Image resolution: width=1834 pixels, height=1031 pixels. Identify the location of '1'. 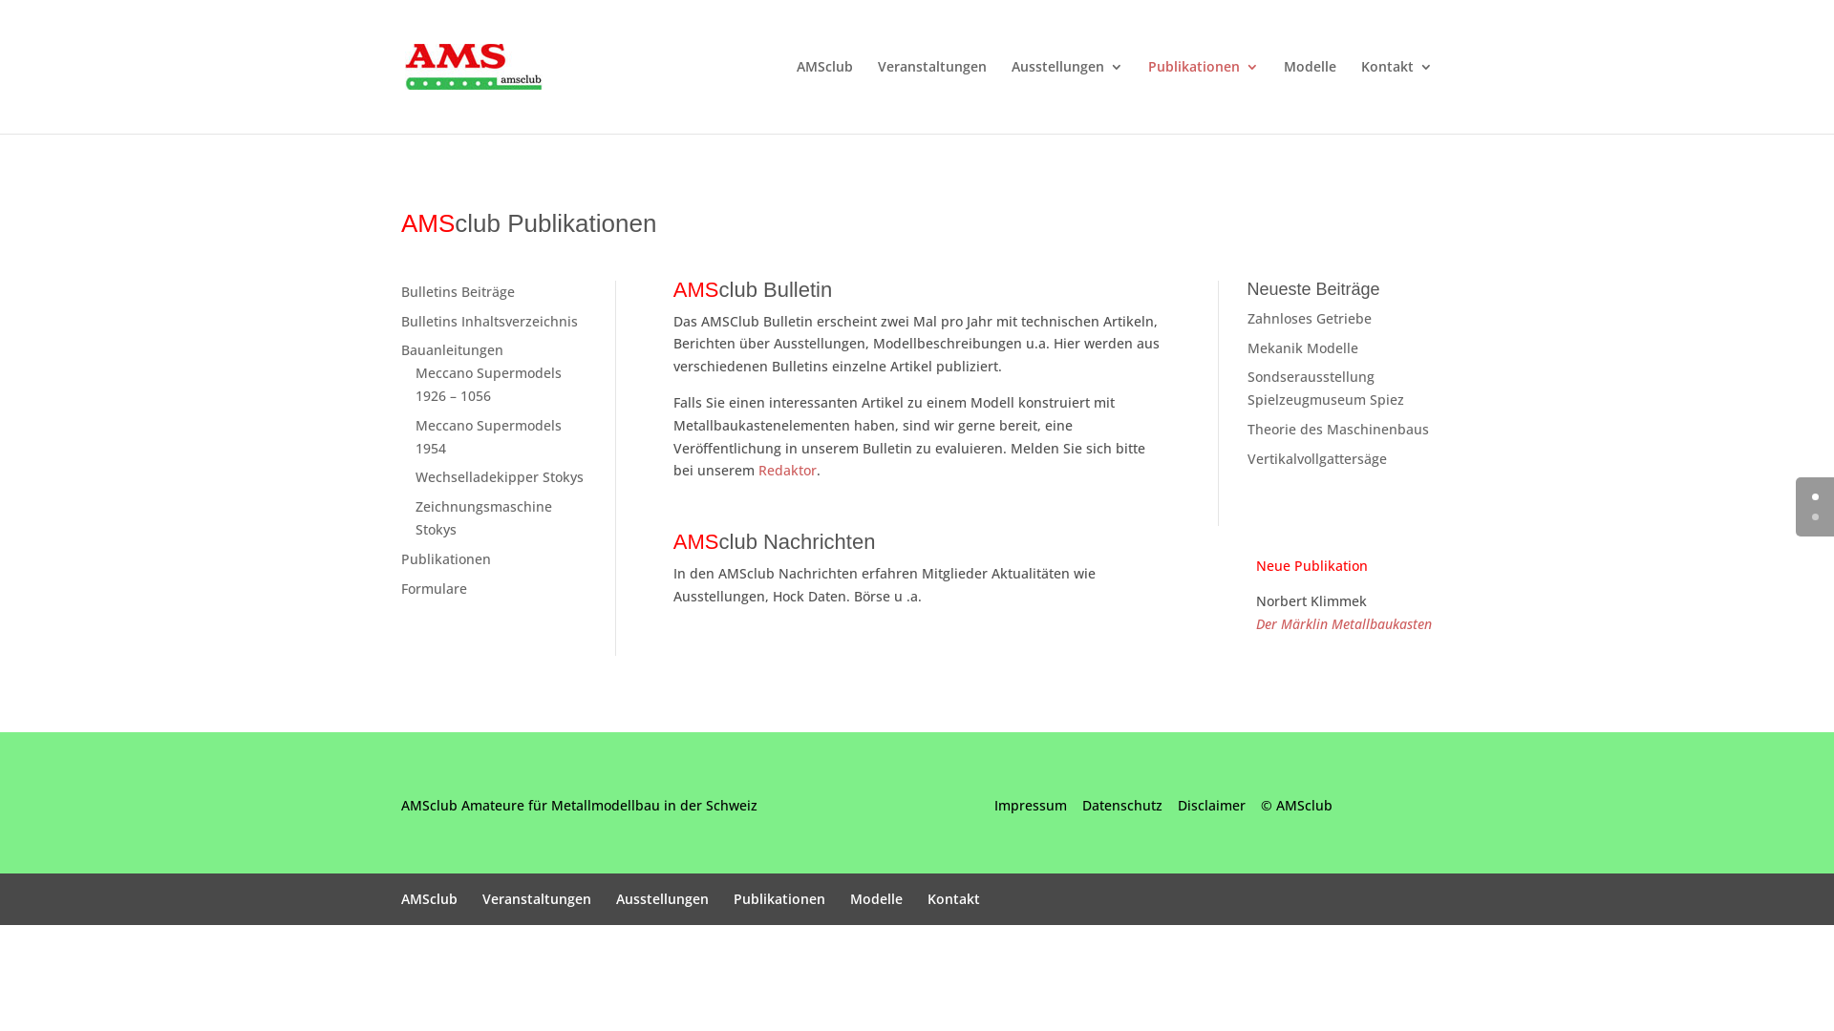
(1814, 516).